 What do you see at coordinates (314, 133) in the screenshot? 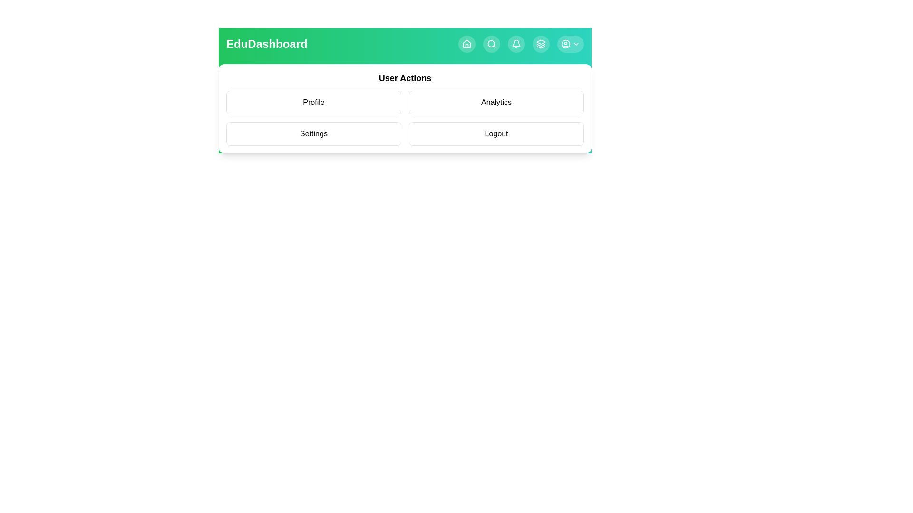
I see `the user action item Settings from the menu` at bounding box center [314, 133].